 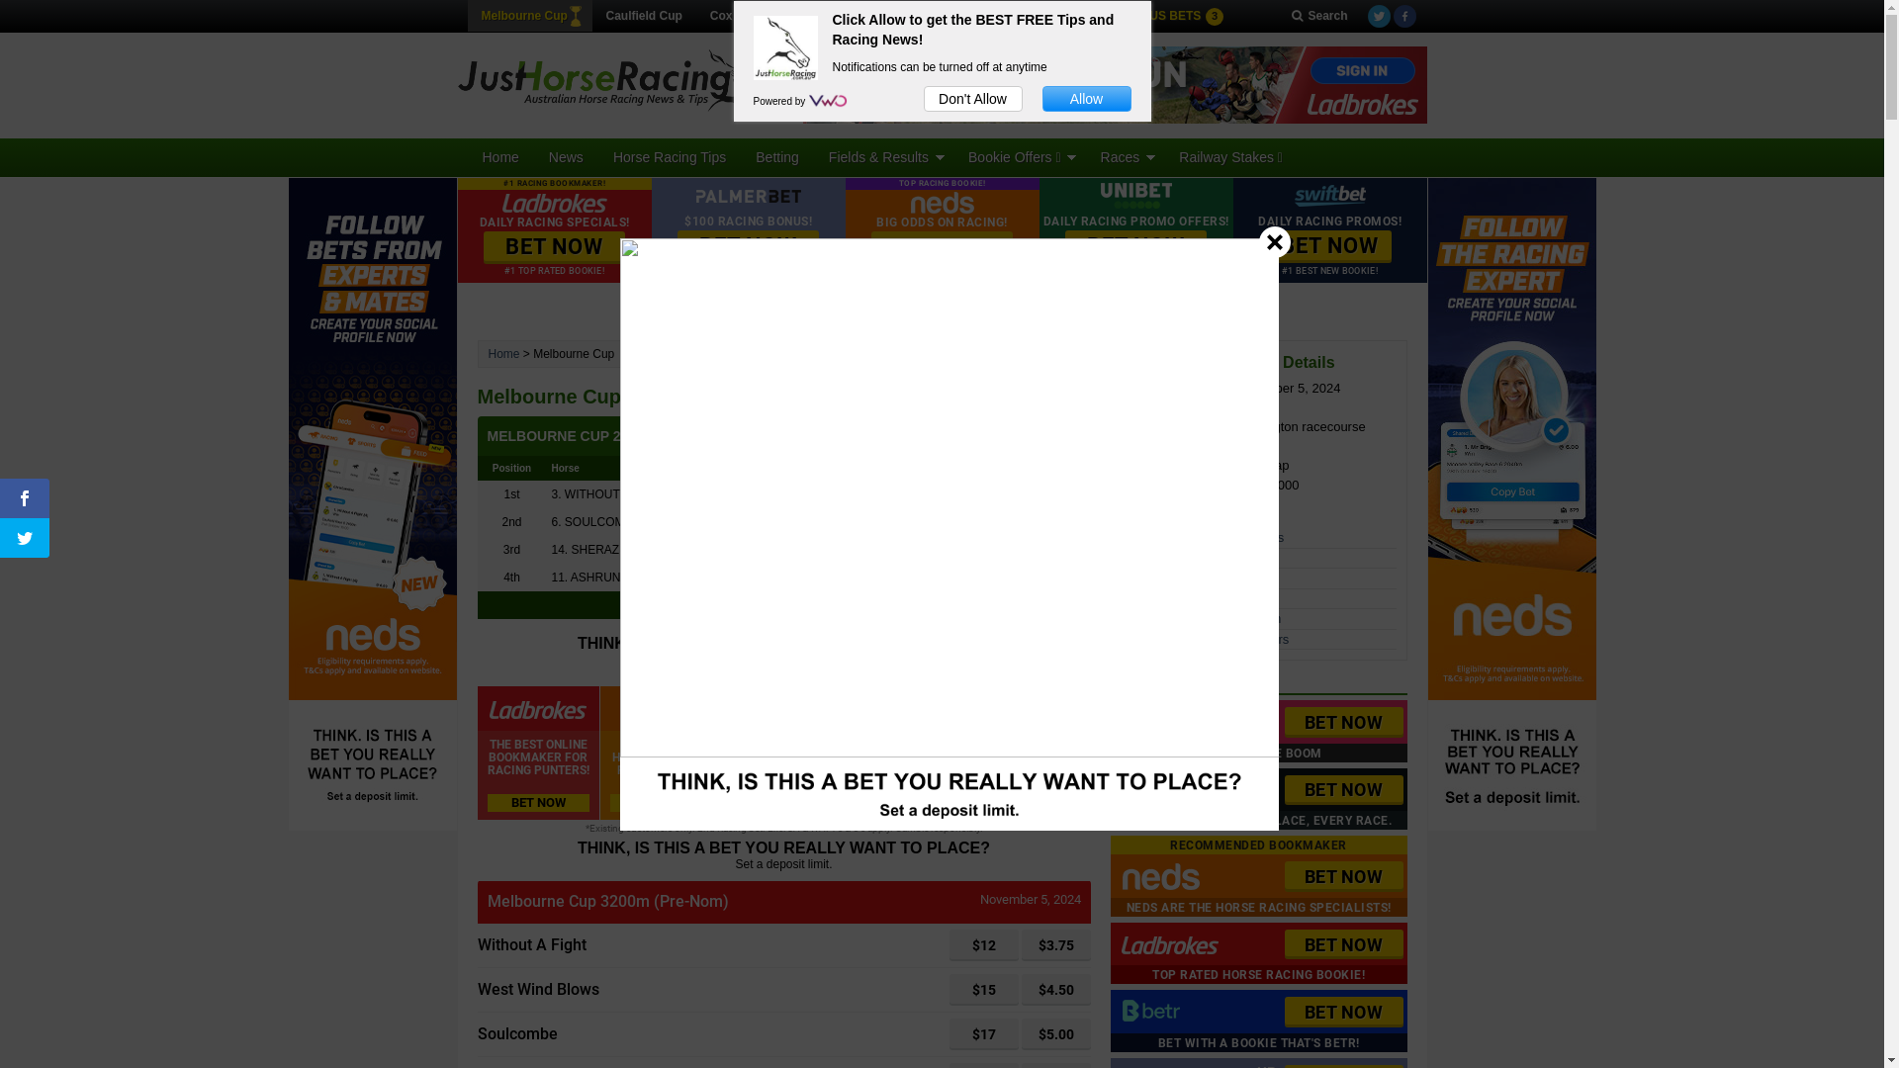 What do you see at coordinates (554, 246) in the screenshot?
I see `'BET NOW'` at bounding box center [554, 246].